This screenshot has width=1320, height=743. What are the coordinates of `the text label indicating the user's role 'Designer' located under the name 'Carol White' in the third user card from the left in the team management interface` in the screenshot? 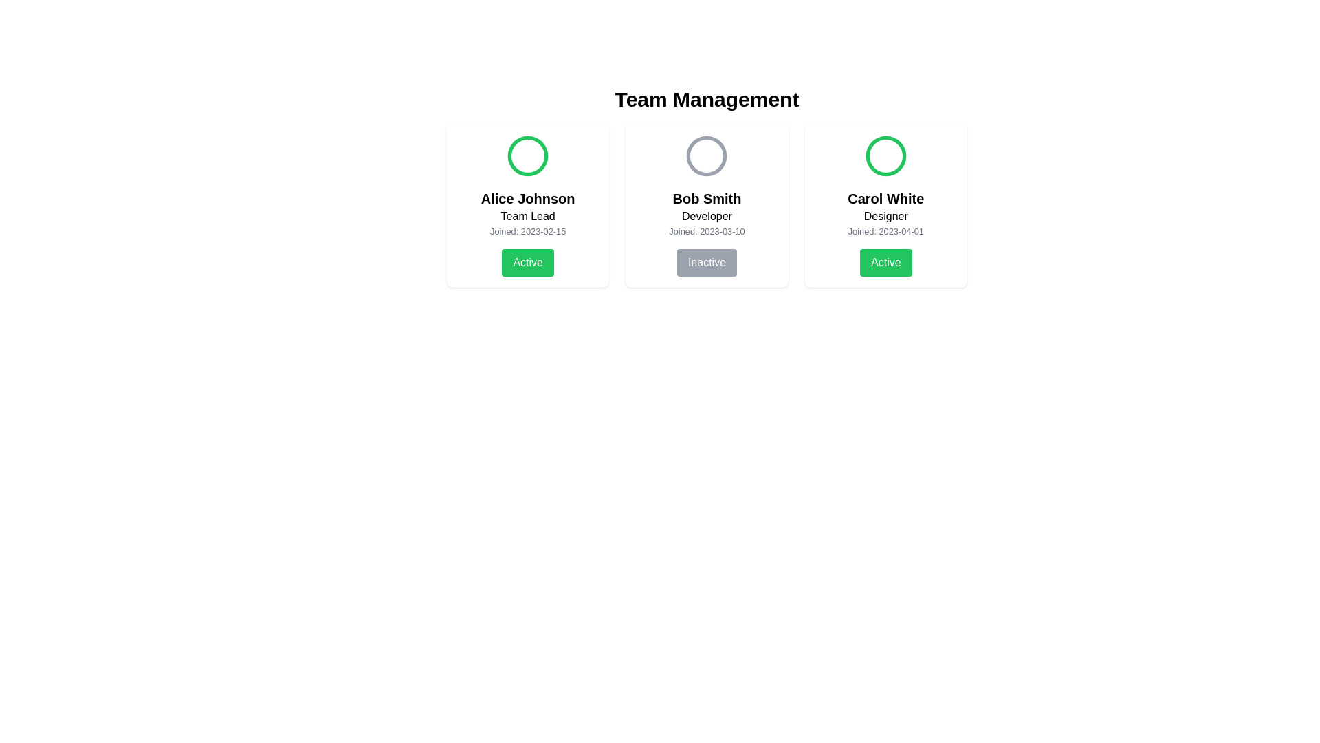 It's located at (885, 217).